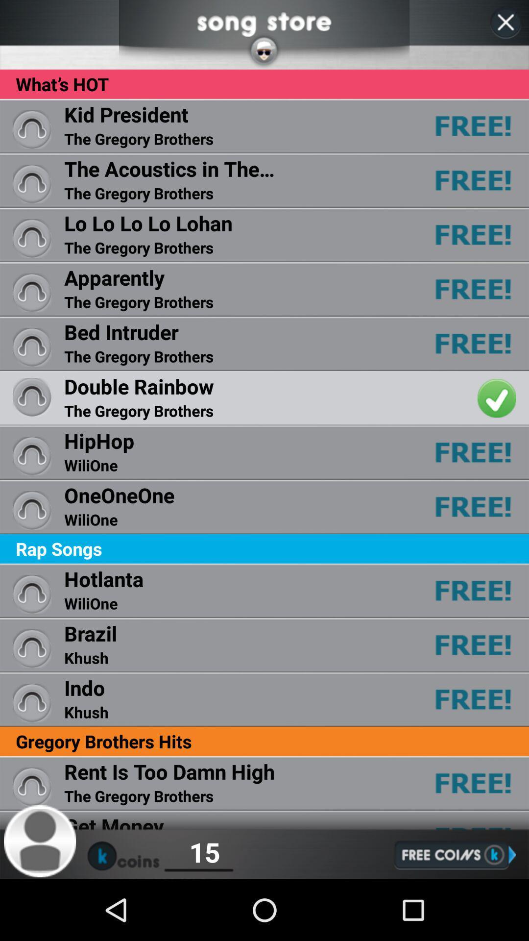  What do you see at coordinates (40, 900) in the screenshot?
I see `the avatar icon` at bounding box center [40, 900].